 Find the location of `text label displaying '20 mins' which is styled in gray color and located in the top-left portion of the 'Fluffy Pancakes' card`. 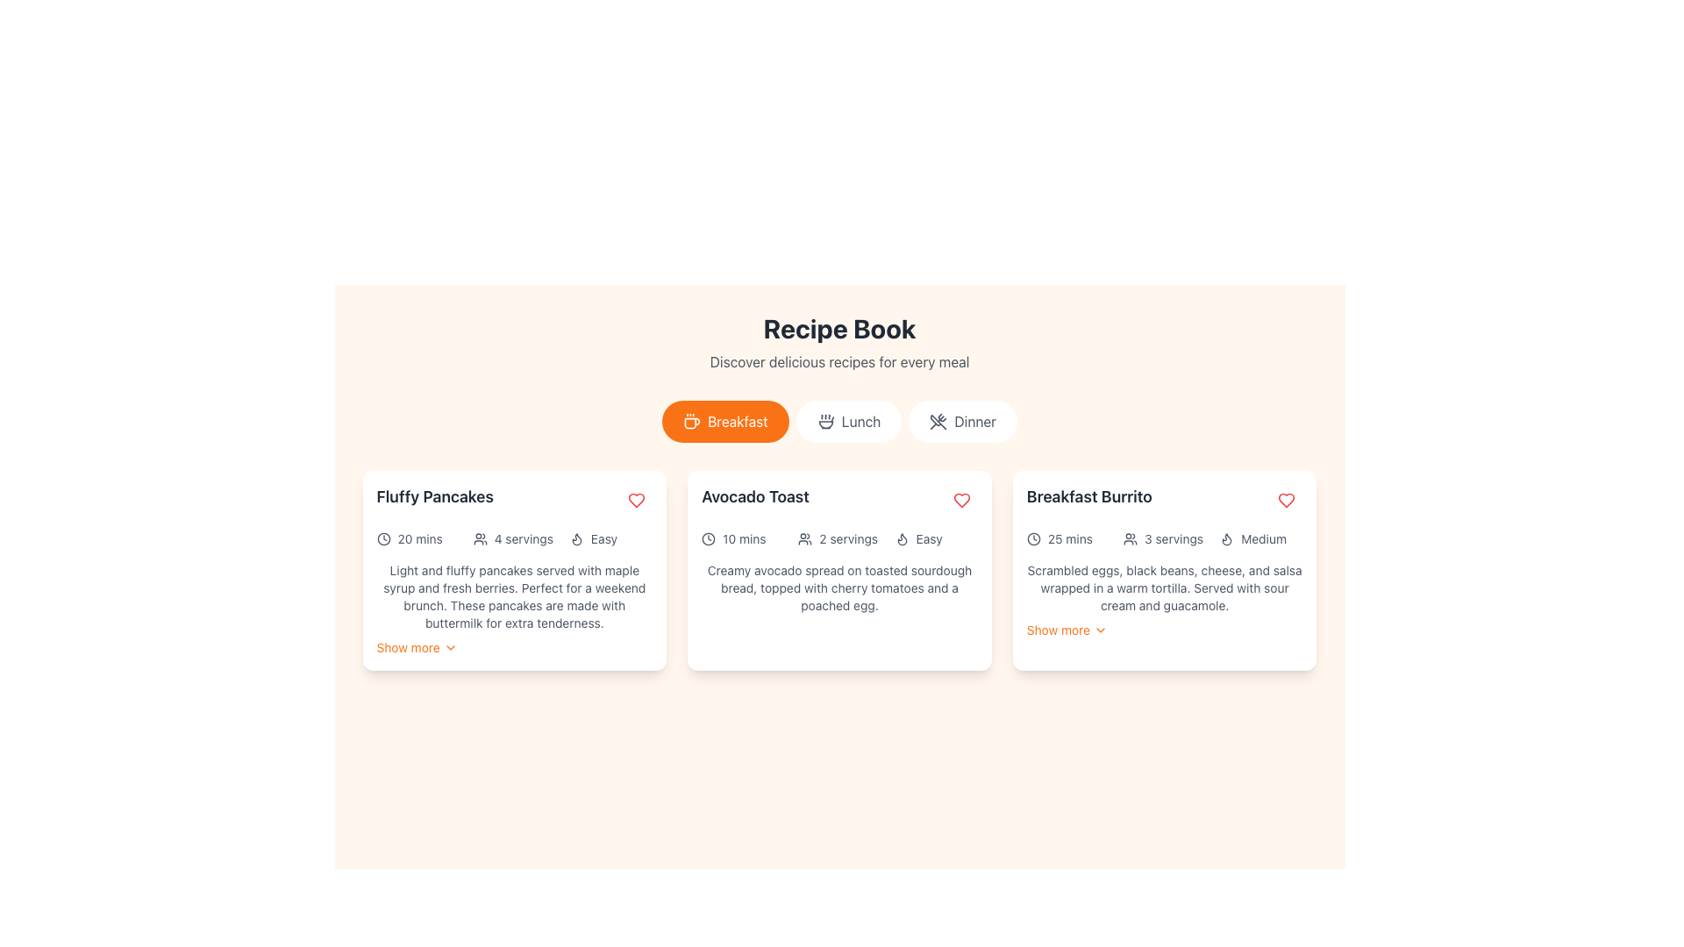

text label displaying '20 mins' which is styled in gray color and located in the top-left portion of the 'Fluffy Pancakes' card is located at coordinates (419, 538).